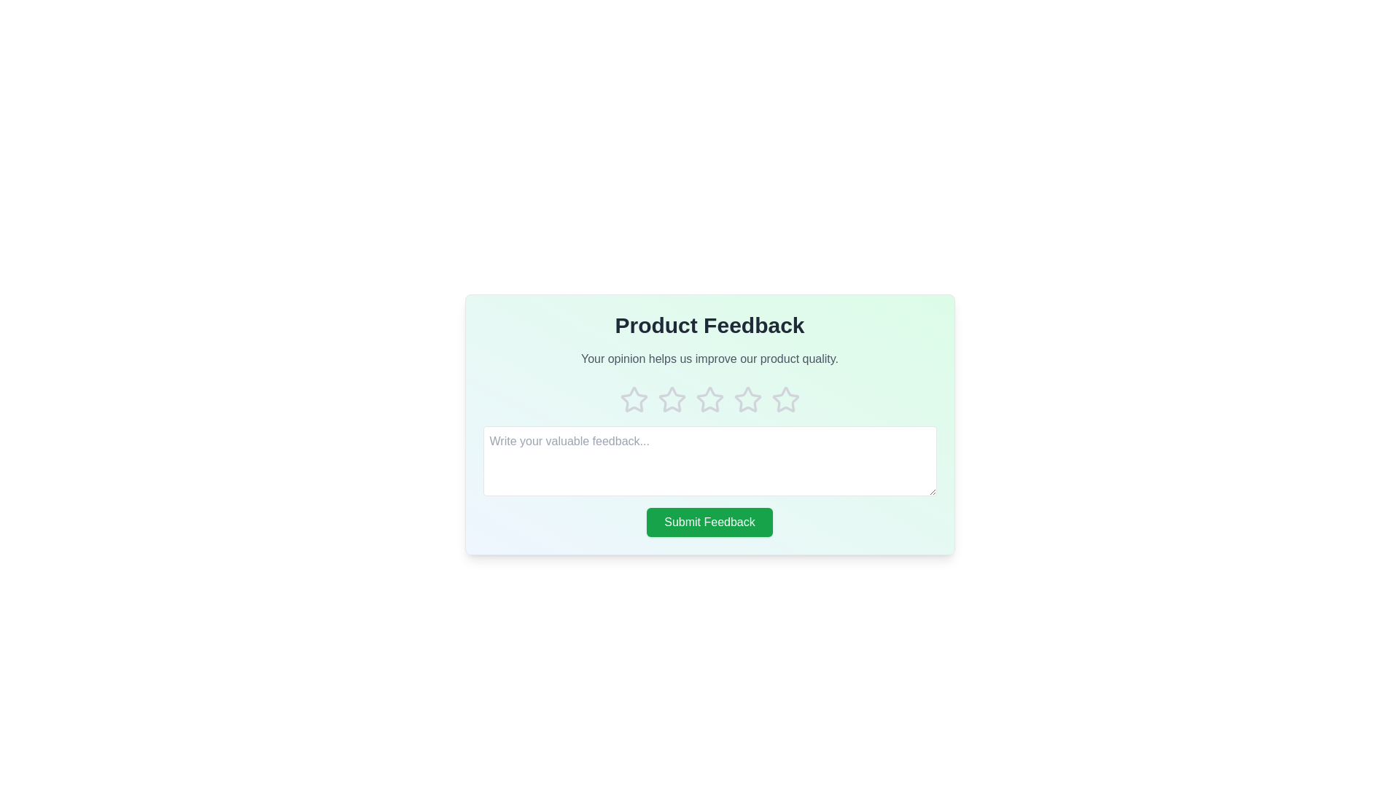 This screenshot has height=787, width=1400. What do you see at coordinates (709, 359) in the screenshot?
I see `the static text element that encourages users to give feedback, positioned below the 'Product Feedback' title and above the star rating icons` at bounding box center [709, 359].